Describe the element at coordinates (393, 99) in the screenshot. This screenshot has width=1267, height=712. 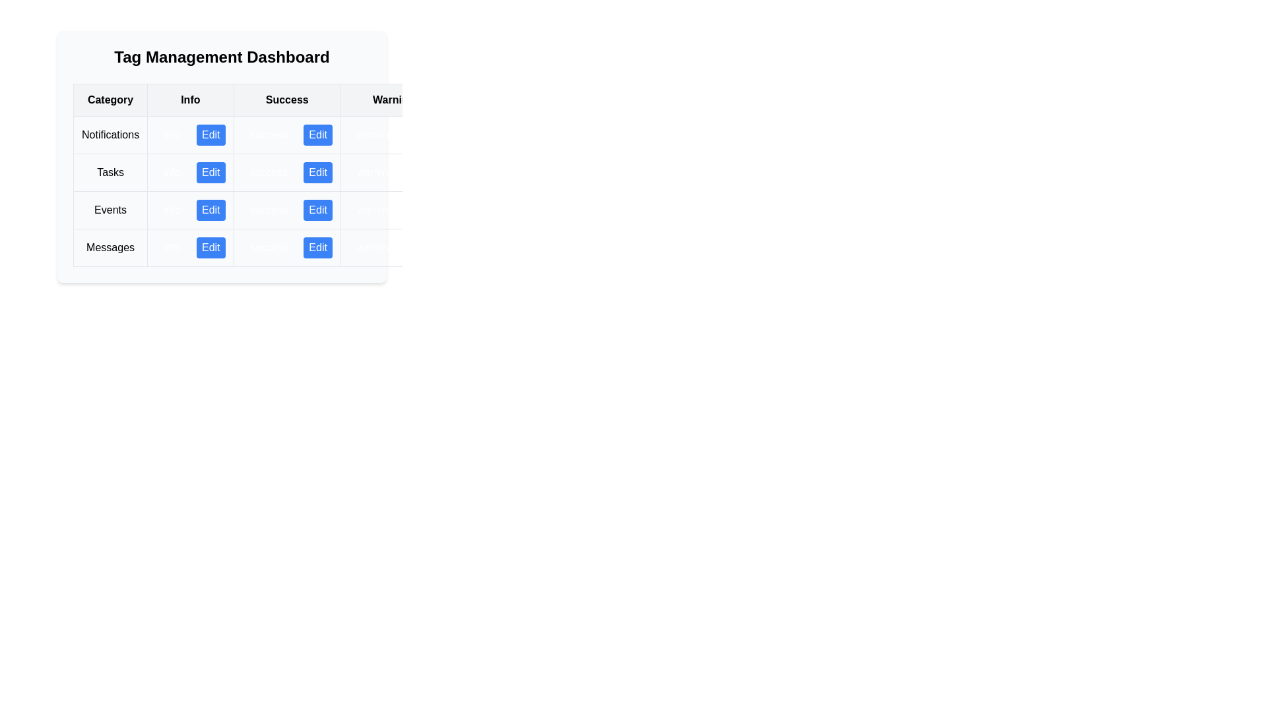
I see `the 'Warning' header in the table column, which categorizes information and is positioned in the fourth place among five elements` at that location.